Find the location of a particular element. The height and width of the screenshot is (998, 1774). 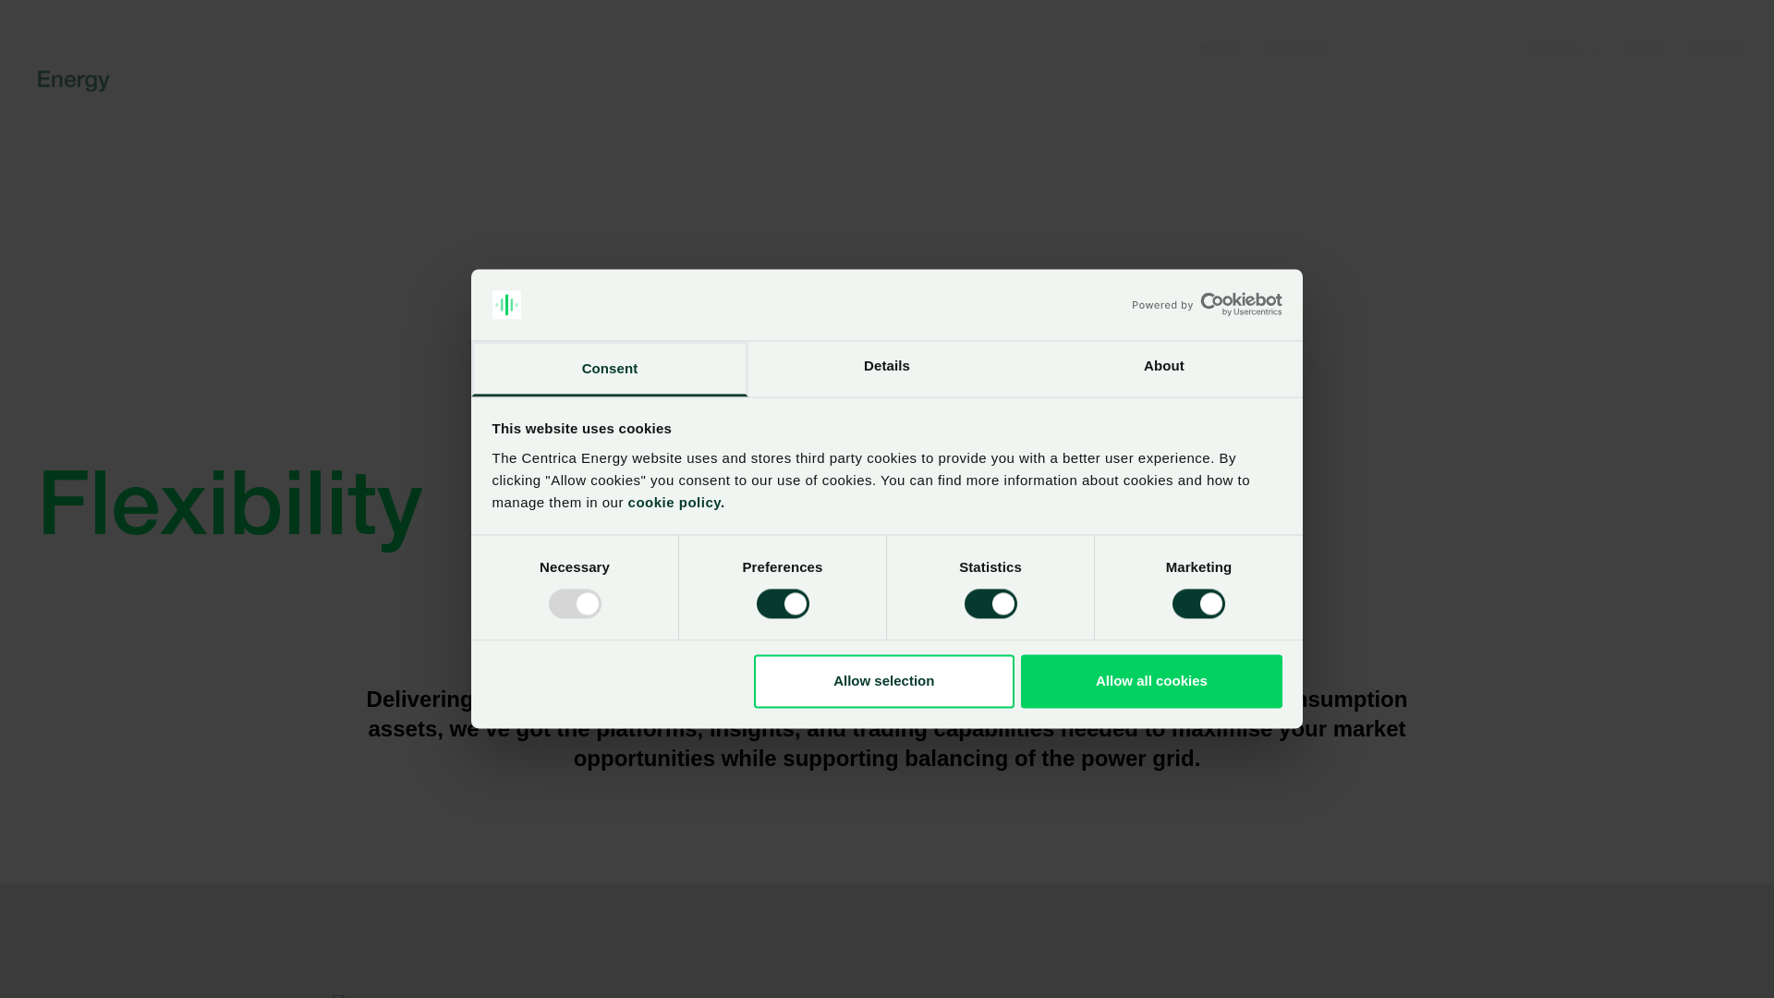

'Press' is located at coordinates (1645, 46).